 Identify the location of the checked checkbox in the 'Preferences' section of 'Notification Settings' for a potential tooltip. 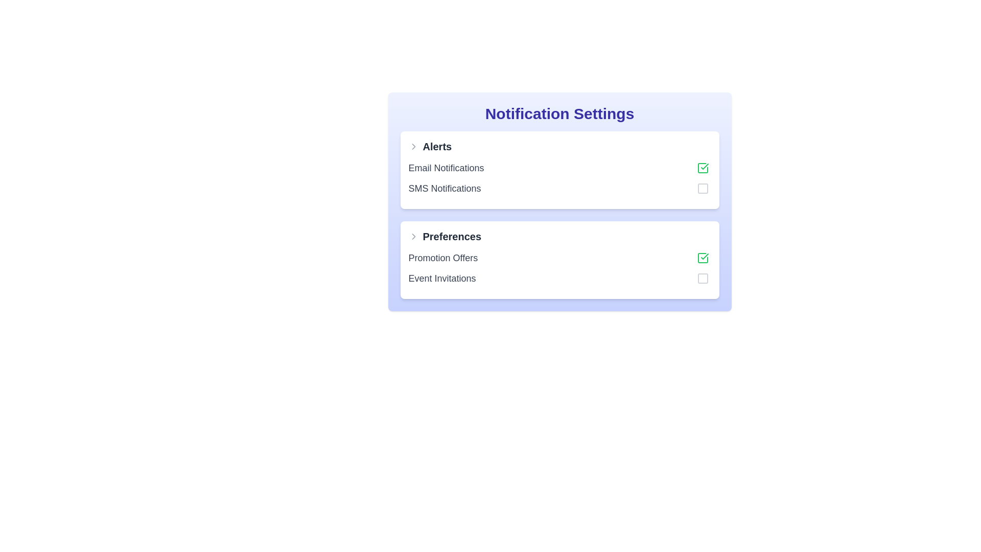
(702, 258).